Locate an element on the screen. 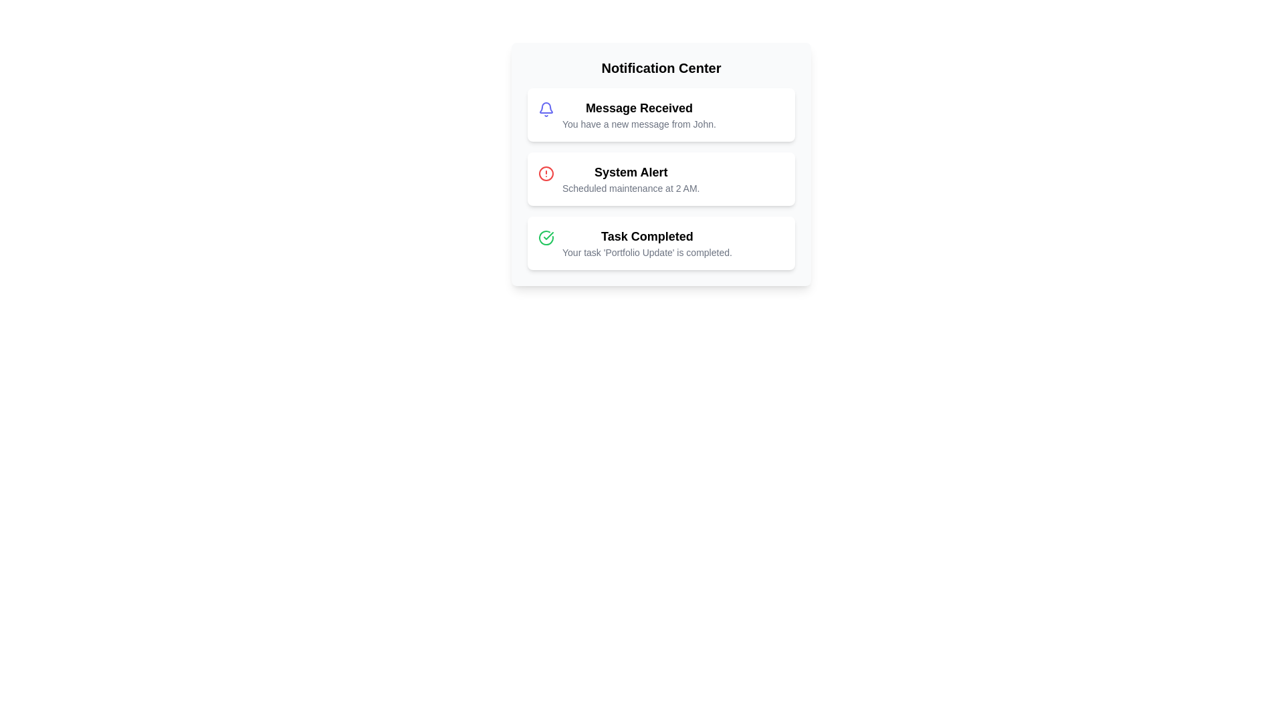  the notification titled 'Task Completed' to view its details is located at coordinates (661, 243).